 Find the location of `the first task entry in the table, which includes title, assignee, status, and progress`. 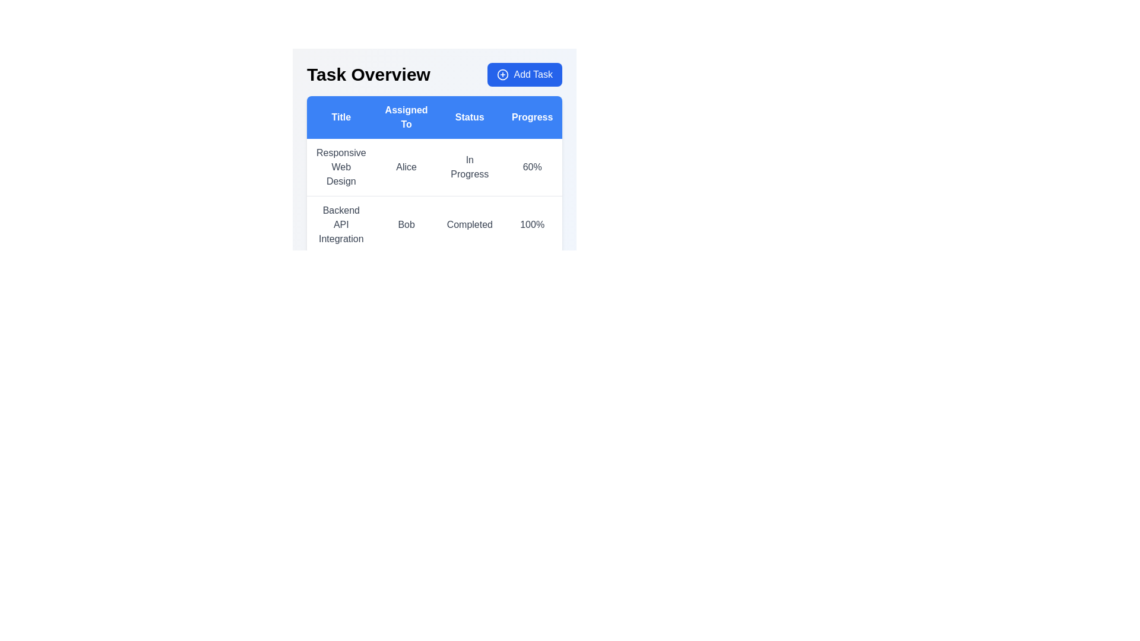

the first task entry in the table, which includes title, assignee, status, and progress is located at coordinates (470, 167).